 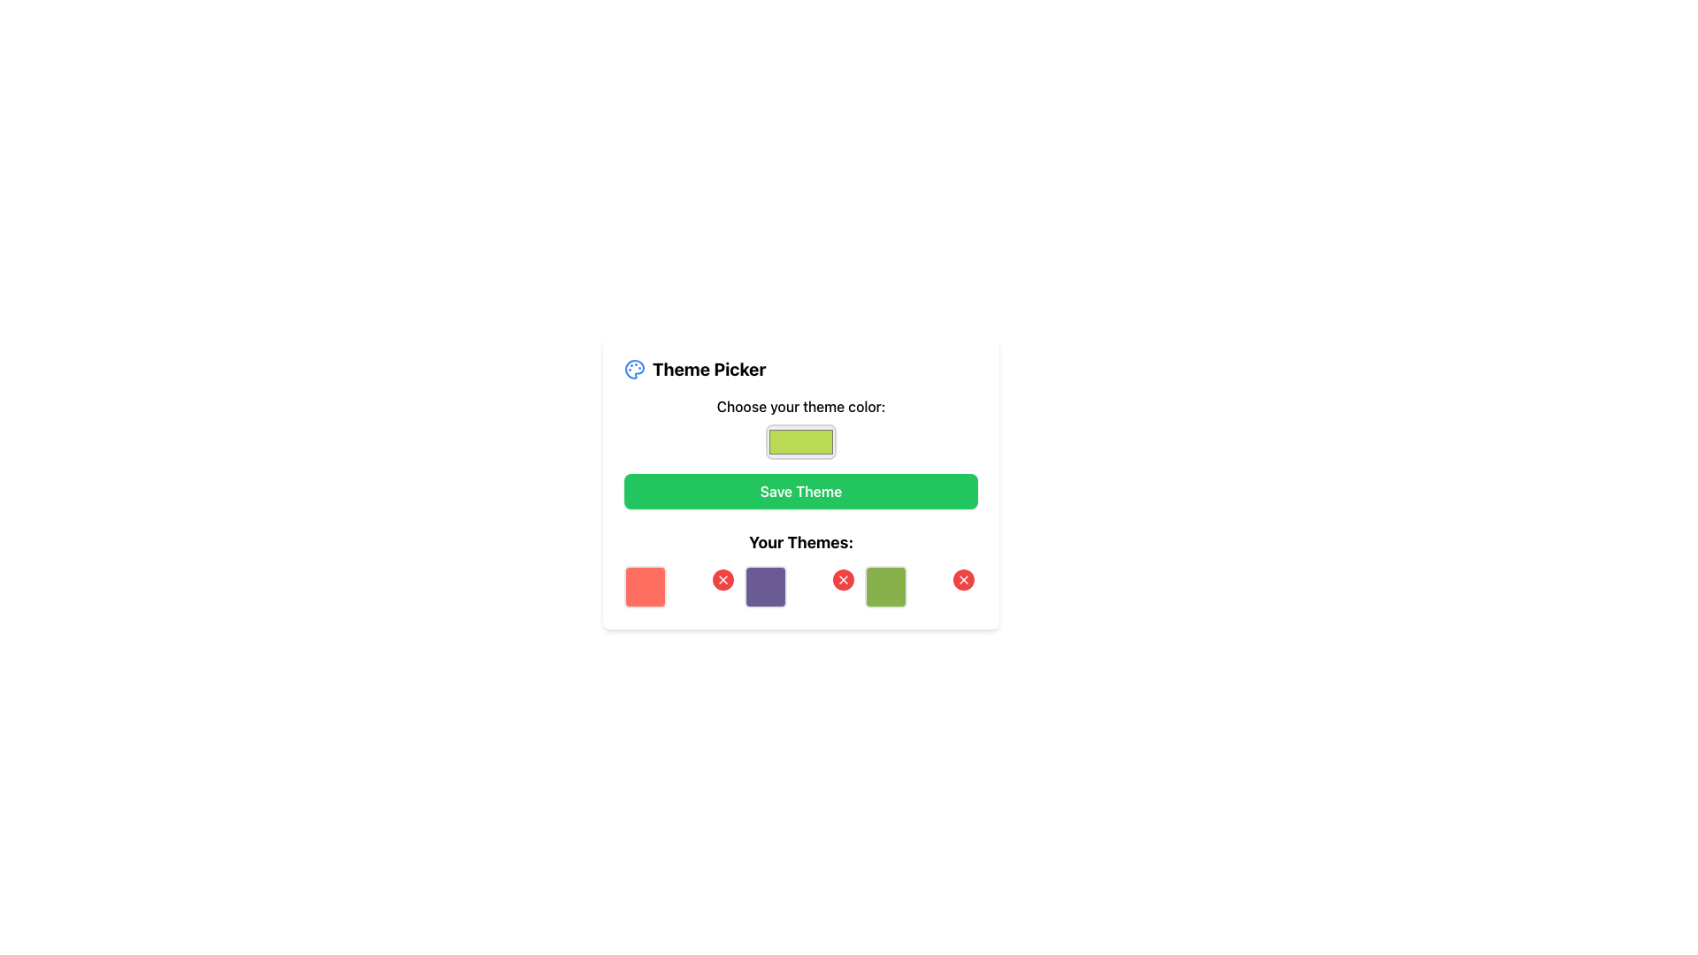 What do you see at coordinates (962, 579) in the screenshot?
I see `the Close button located inside a red button at the far-right of the row of theme color selectors under the 'Your Themes' section` at bounding box center [962, 579].